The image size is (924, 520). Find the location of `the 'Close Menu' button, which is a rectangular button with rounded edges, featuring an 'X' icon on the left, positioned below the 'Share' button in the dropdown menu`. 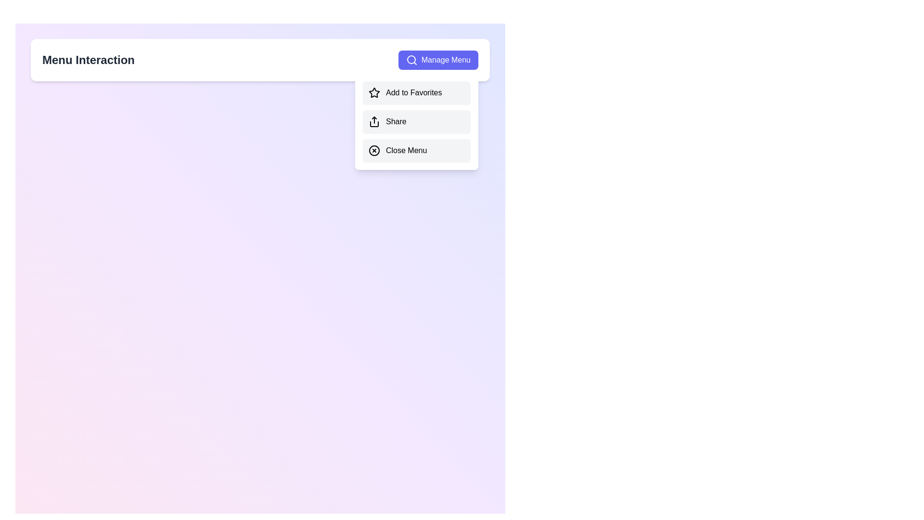

the 'Close Menu' button, which is a rectangular button with rounded edges, featuring an 'X' icon on the left, positioned below the 'Share' button in the dropdown menu is located at coordinates (416, 150).